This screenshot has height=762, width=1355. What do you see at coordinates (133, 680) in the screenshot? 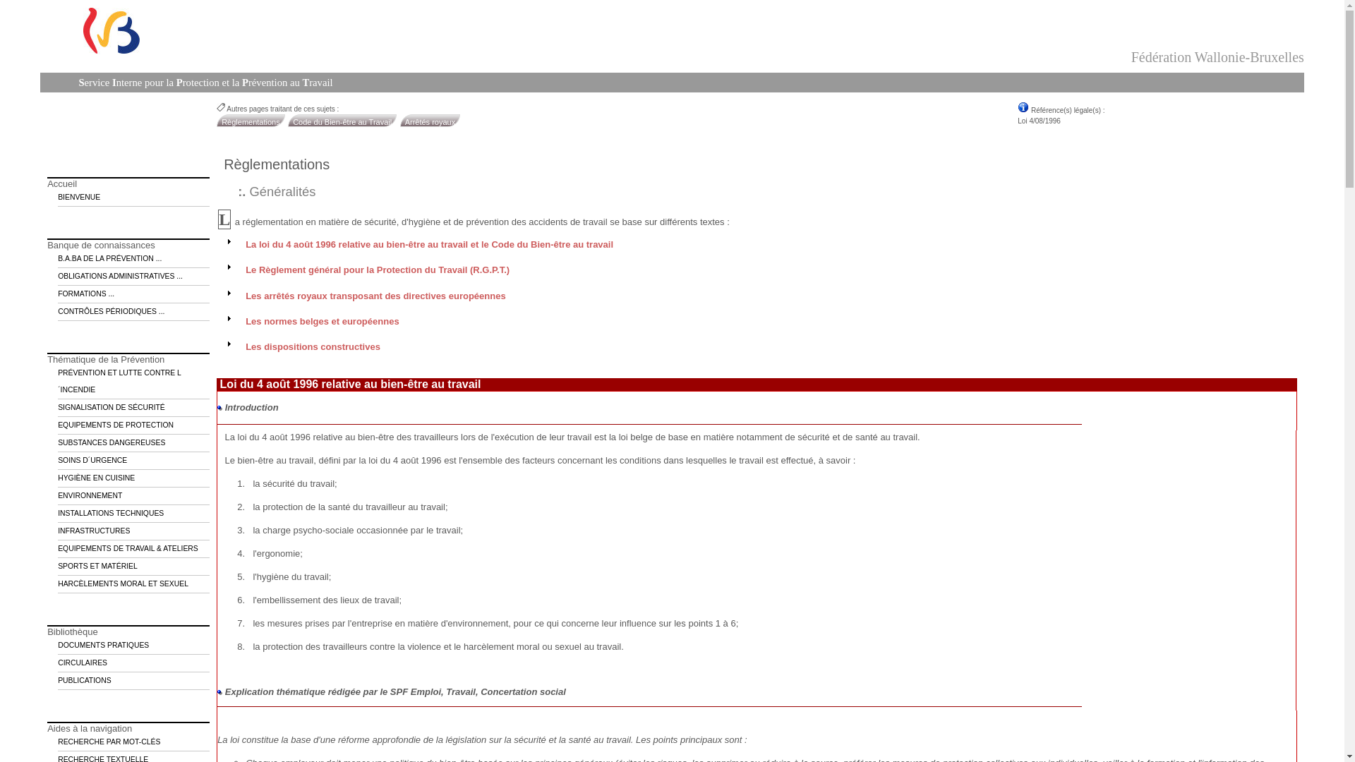
I see `'PUBLICATIONS'` at bounding box center [133, 680].